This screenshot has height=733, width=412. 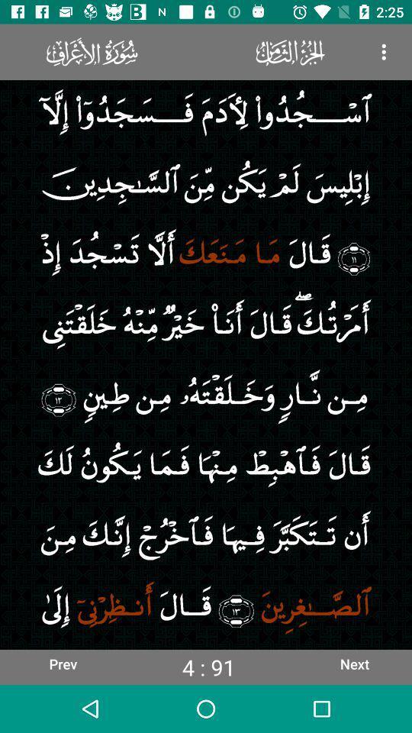 I want to click on the icon at the top right corner, so click(x=383, y=52).